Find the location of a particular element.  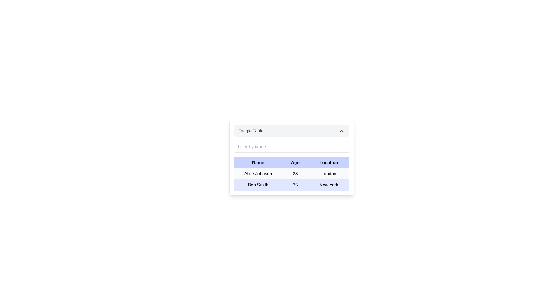

the 'Name' text label displaying 'Bob Smith' is located at coordinates (258, 185).